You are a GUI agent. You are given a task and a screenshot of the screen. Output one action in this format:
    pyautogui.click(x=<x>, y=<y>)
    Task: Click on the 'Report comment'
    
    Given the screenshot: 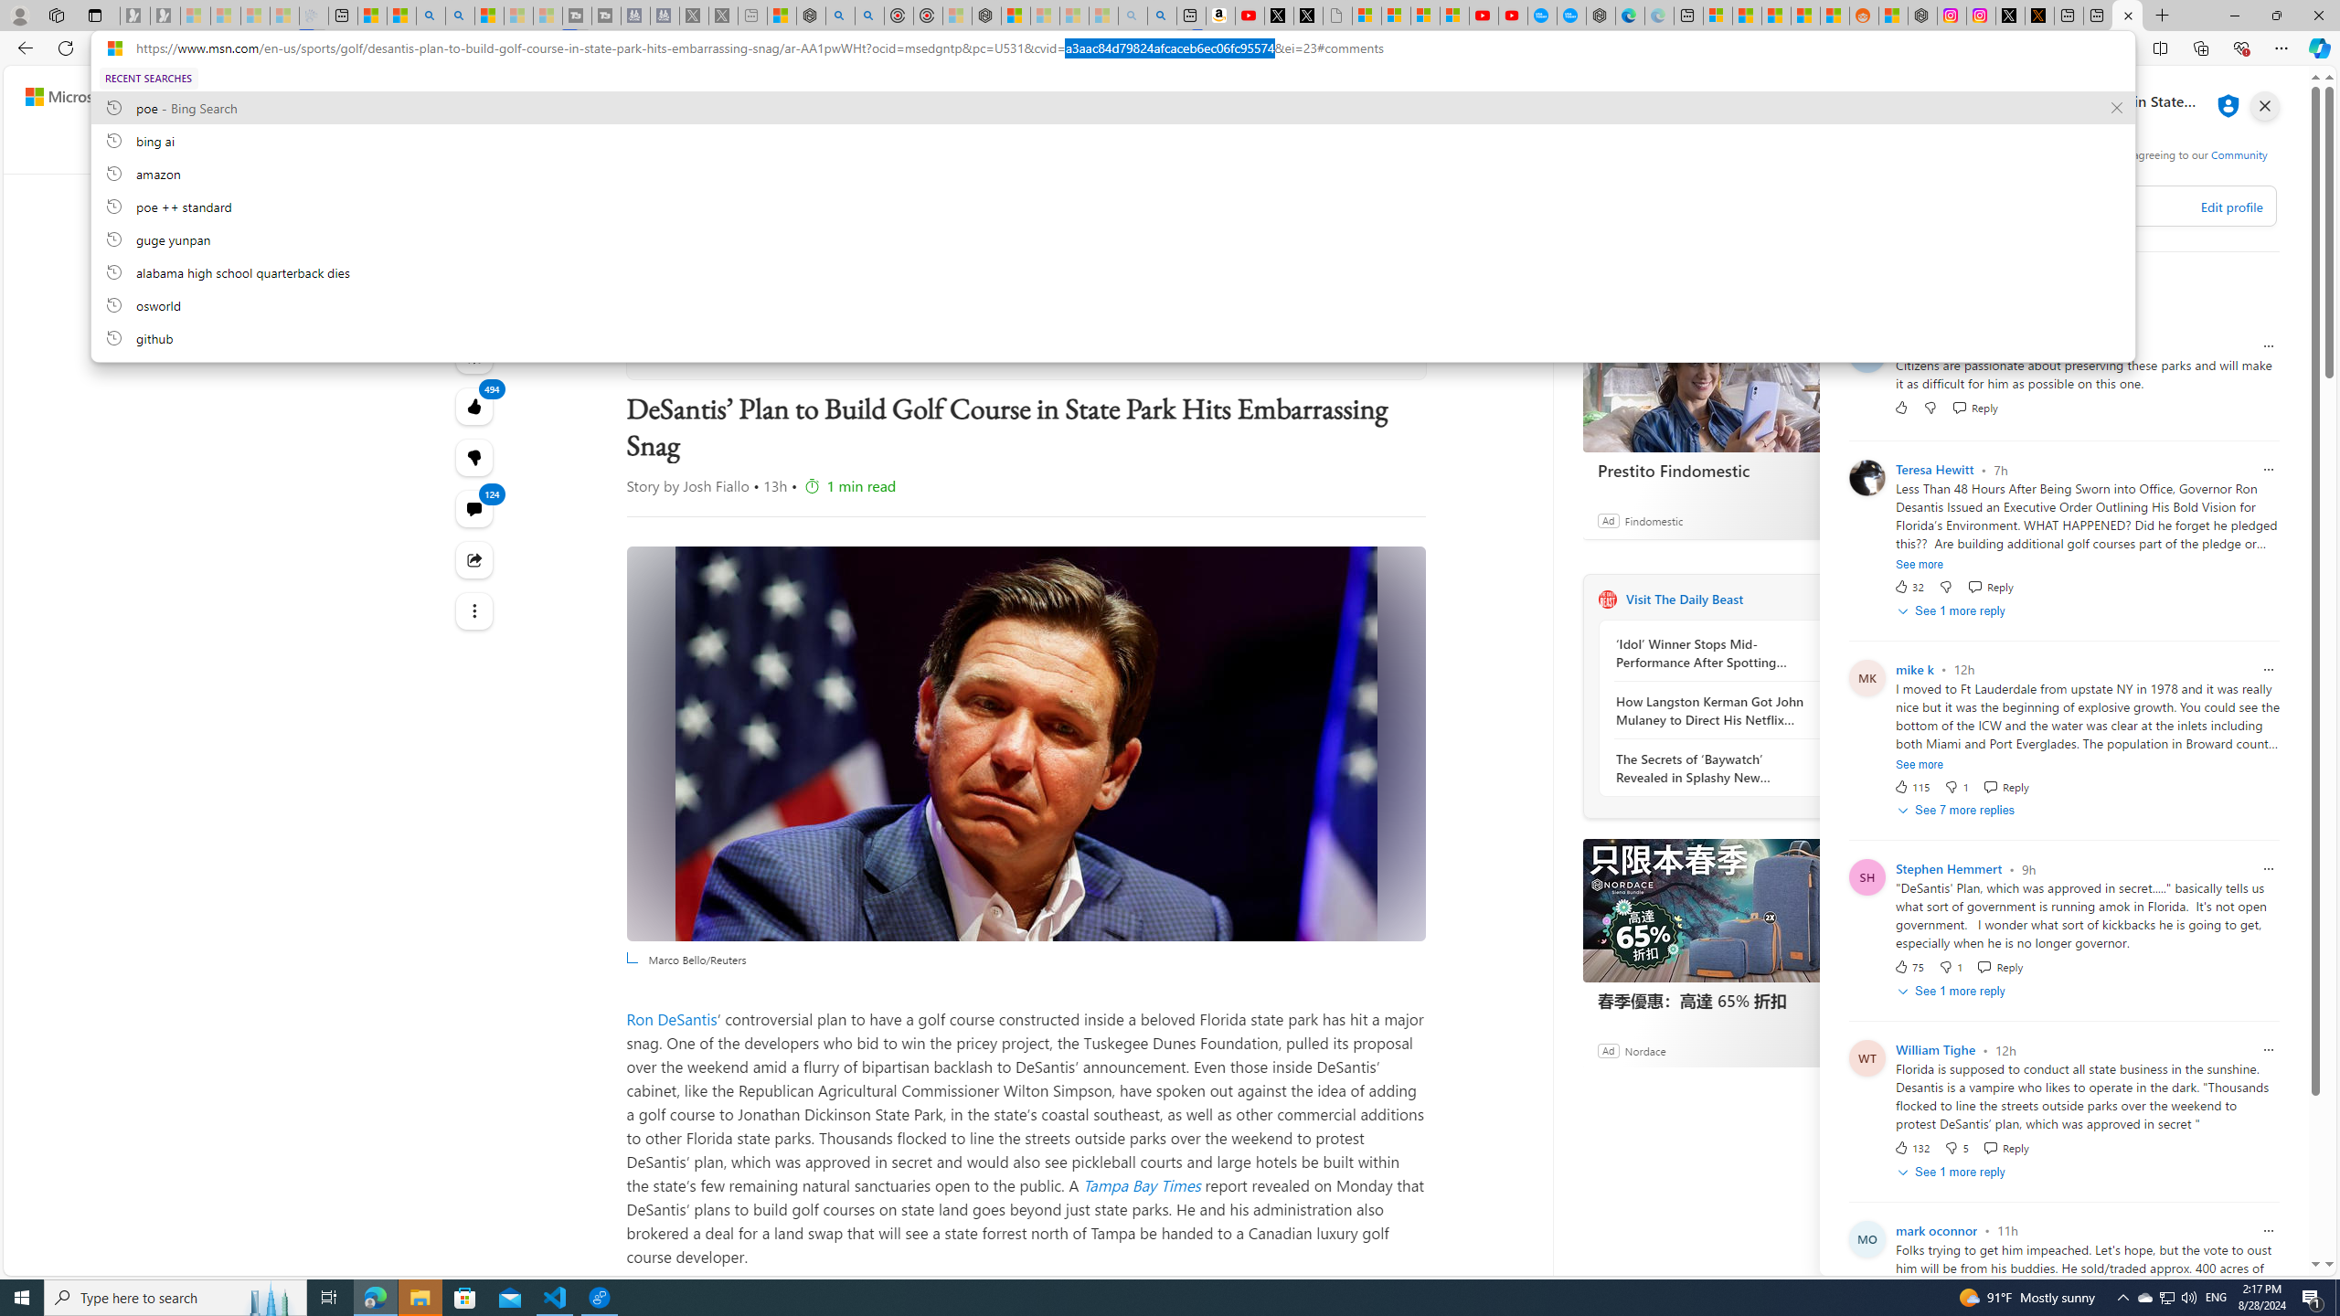 What is the action you would take?
    pyautogui.click(x=2267, y=1229)
    